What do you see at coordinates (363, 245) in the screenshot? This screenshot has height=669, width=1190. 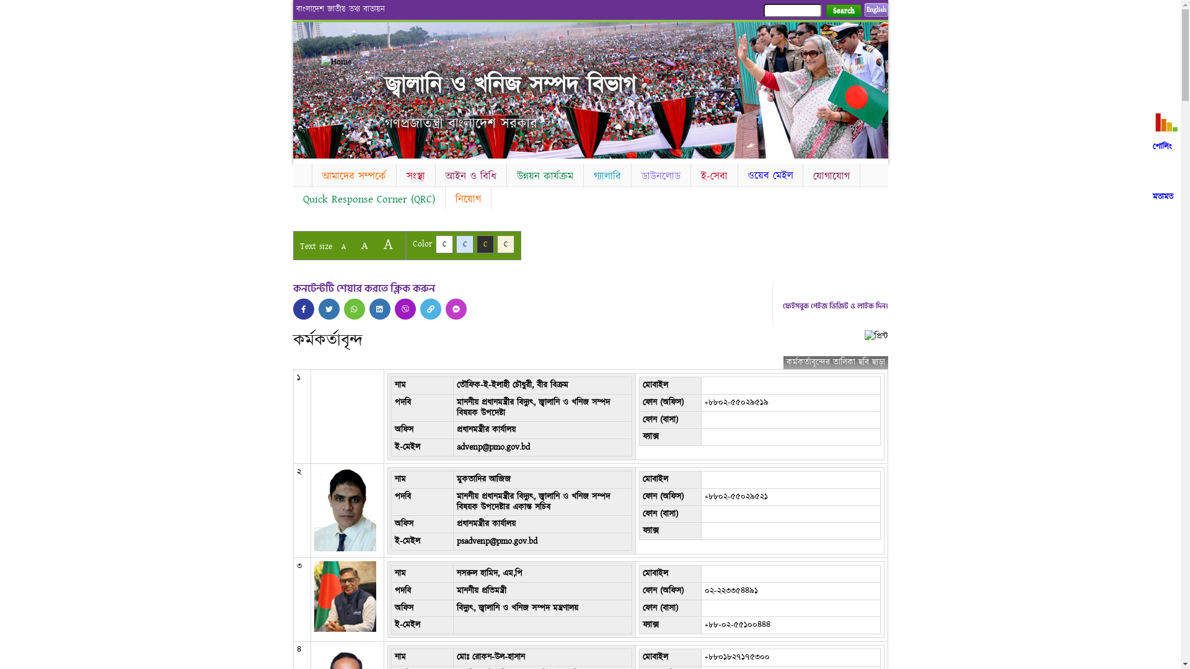 I see `'A'` at bounding box center [363, 245].